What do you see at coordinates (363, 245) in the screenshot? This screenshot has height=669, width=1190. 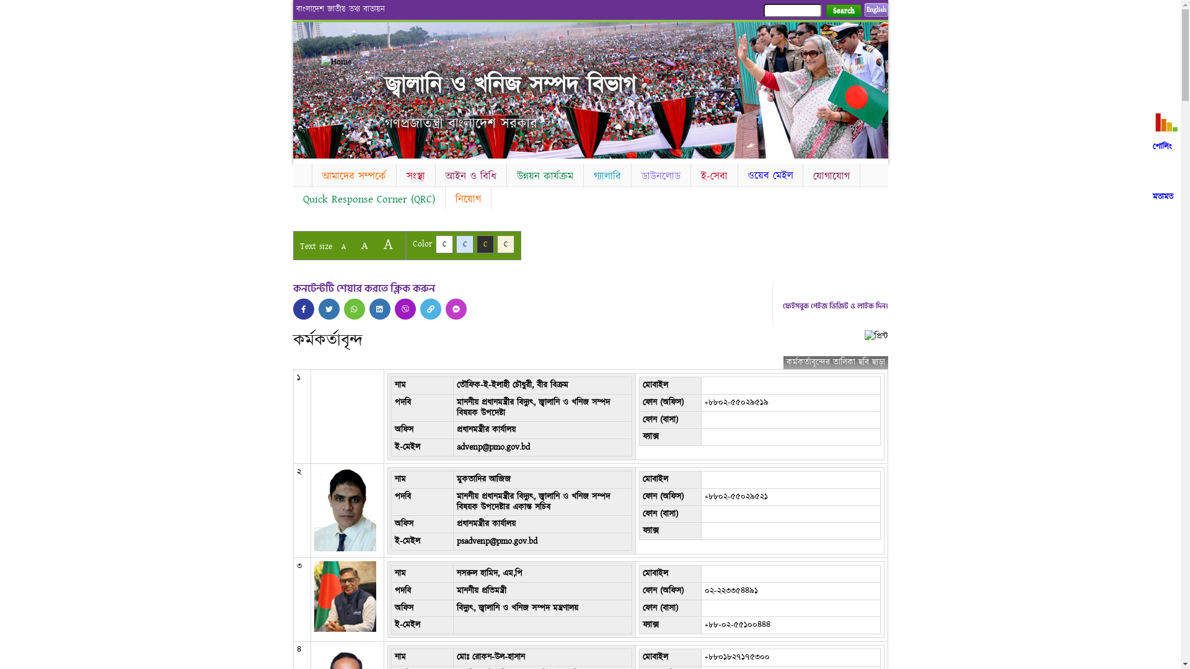 I see `'A'` at bounding box center [363, 245].